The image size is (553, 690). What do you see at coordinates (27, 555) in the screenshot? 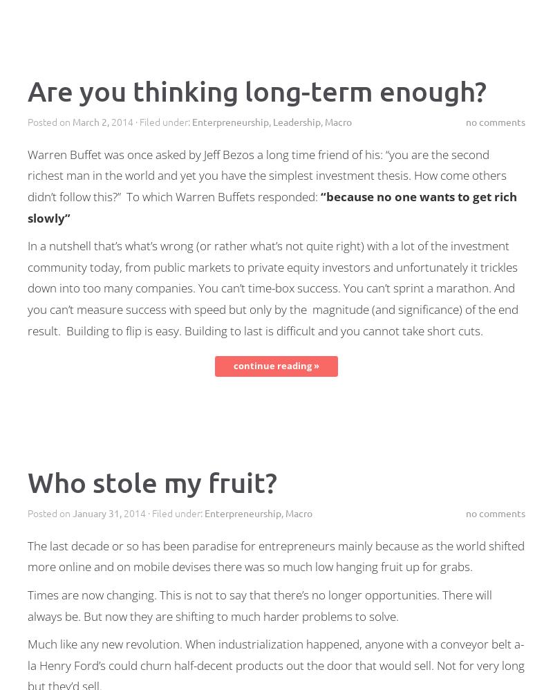
I see `'The last decade or so has been paradise for entrepreneurs mainly because as the world shifted more online and on mobile devises there was so much low hanging fruit up for grabs.'` at bounding box center [27, 555].